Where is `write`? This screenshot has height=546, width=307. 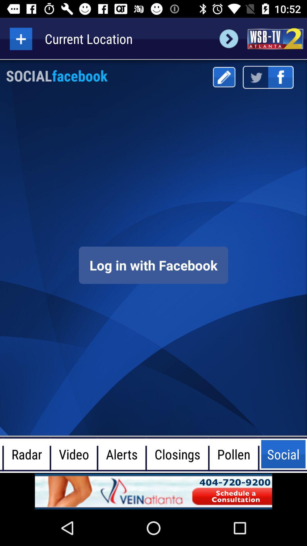 write is located at coordinates (224, 77).